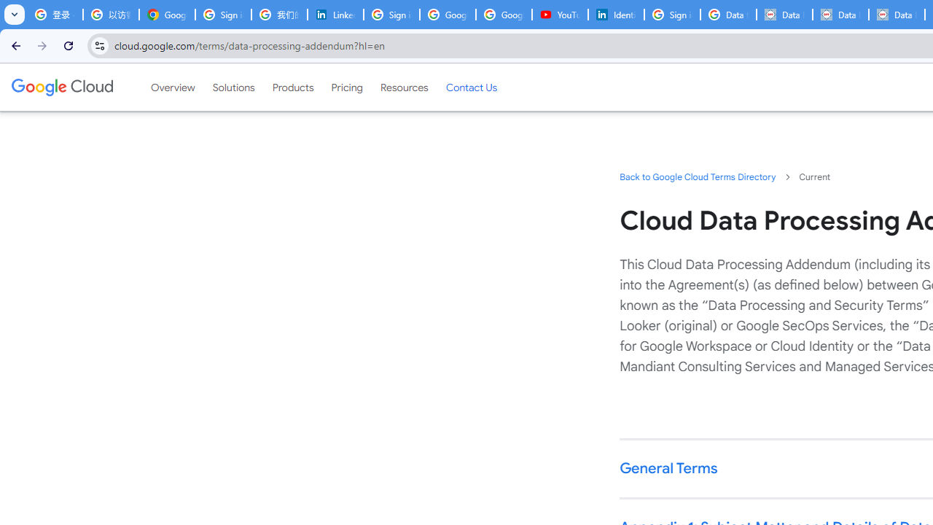 The height and width of the screenshot is (525, 933). Describe the element at coordinates (335, 15) in the screenshot. I see `'LinkedIn Privacy Policy'` at that location.